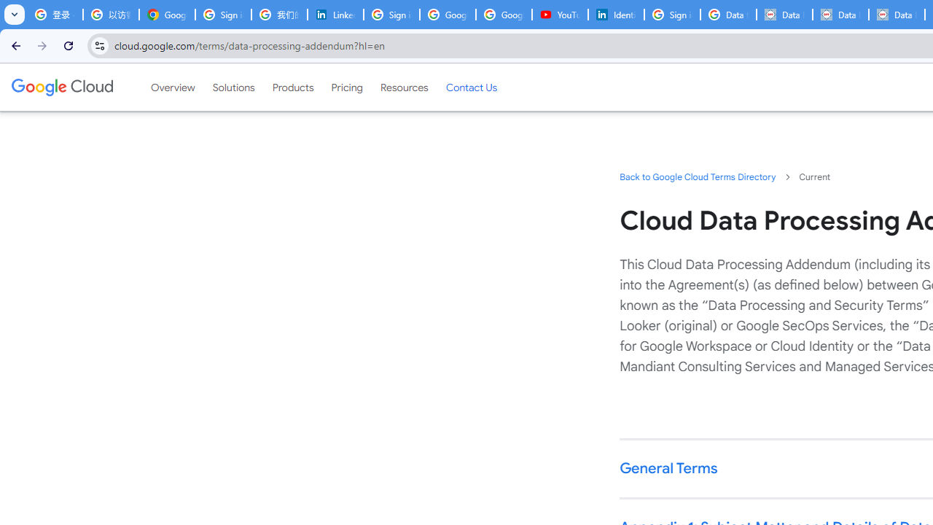 The height and width of the screenshot is (525, 933). Describe the element at coordinates (335, 15) in the screenshot. I see `'LinkedIn Privacy Policy'` at that location.